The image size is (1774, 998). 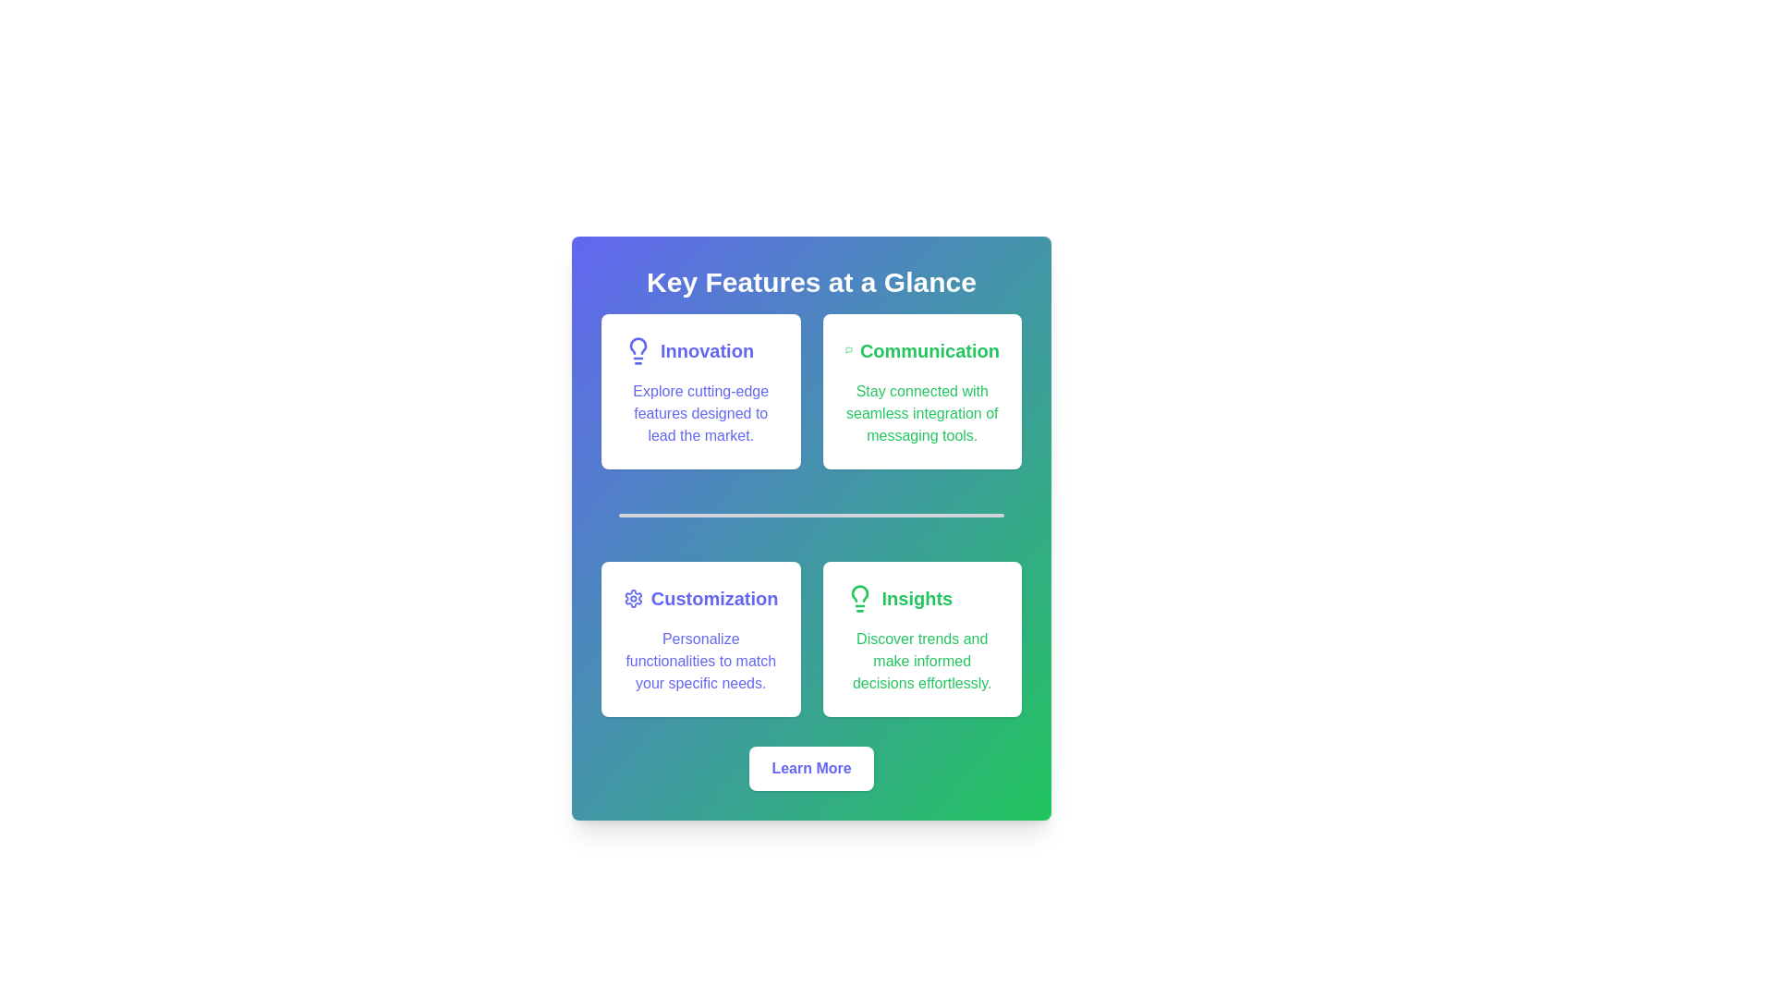 I want to click on the 'Innovation' text label with the lightbulb icon located in the upper-left quadrant of the layout, as it may have interactive actions associated with it, so click(x=699, y=351).